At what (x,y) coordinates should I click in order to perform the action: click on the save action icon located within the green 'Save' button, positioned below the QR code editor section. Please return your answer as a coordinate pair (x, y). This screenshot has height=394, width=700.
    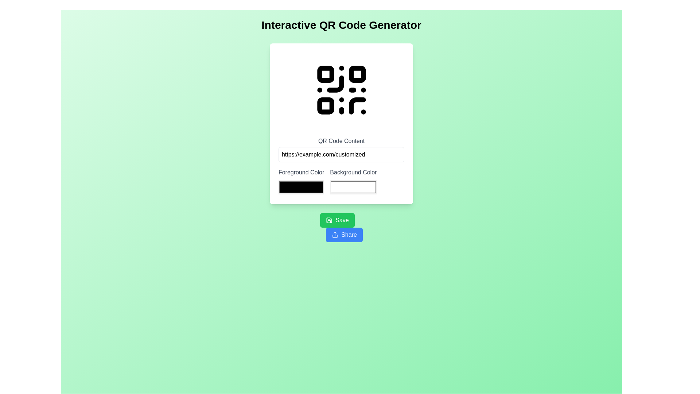
    Looking at the image, I should click on (329, 220).